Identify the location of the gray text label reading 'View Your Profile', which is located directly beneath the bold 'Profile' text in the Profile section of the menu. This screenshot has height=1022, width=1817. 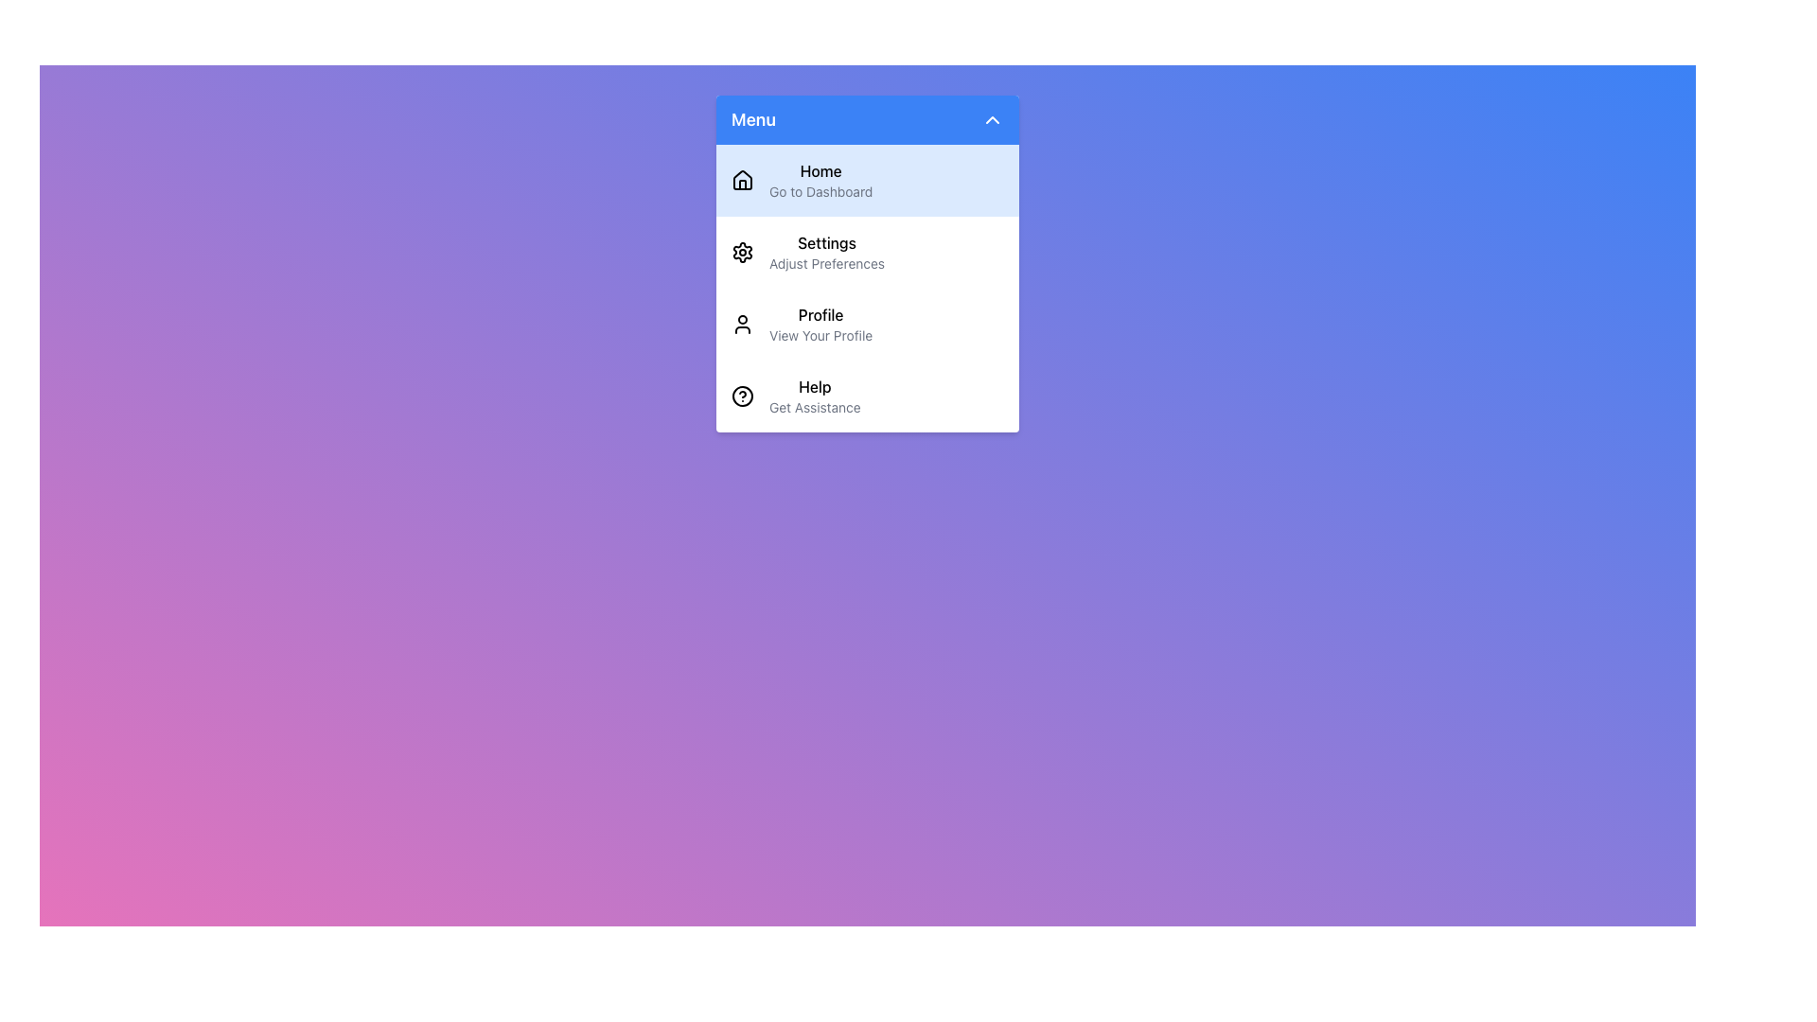
(820, 334).